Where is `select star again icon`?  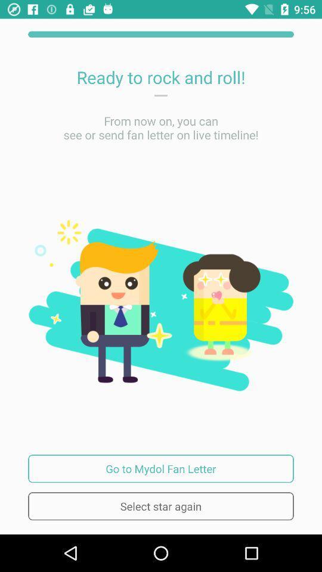
select star again icon is located at coordinates (161, 505).